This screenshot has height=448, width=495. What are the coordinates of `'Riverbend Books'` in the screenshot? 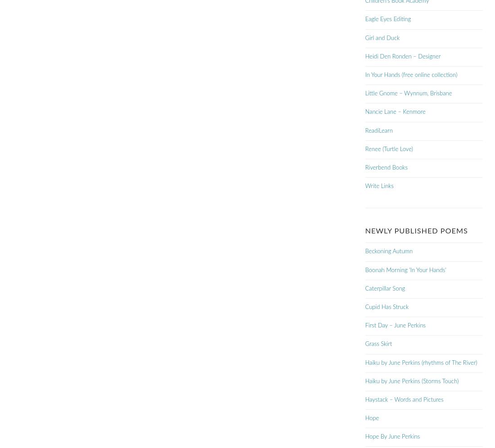 It's located at (365, 167).